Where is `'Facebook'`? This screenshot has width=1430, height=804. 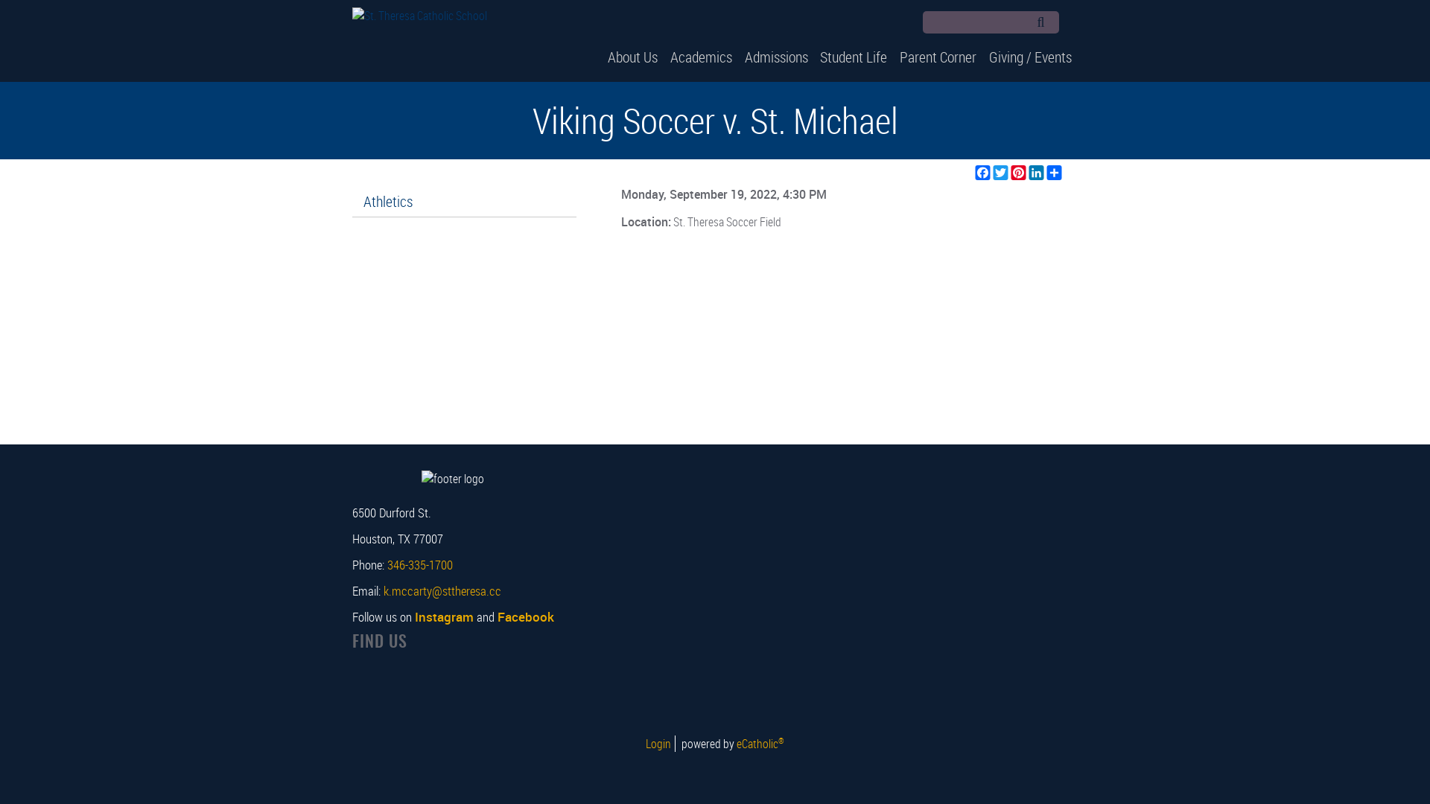
'Facebook' is located at coordinates (983, 171).